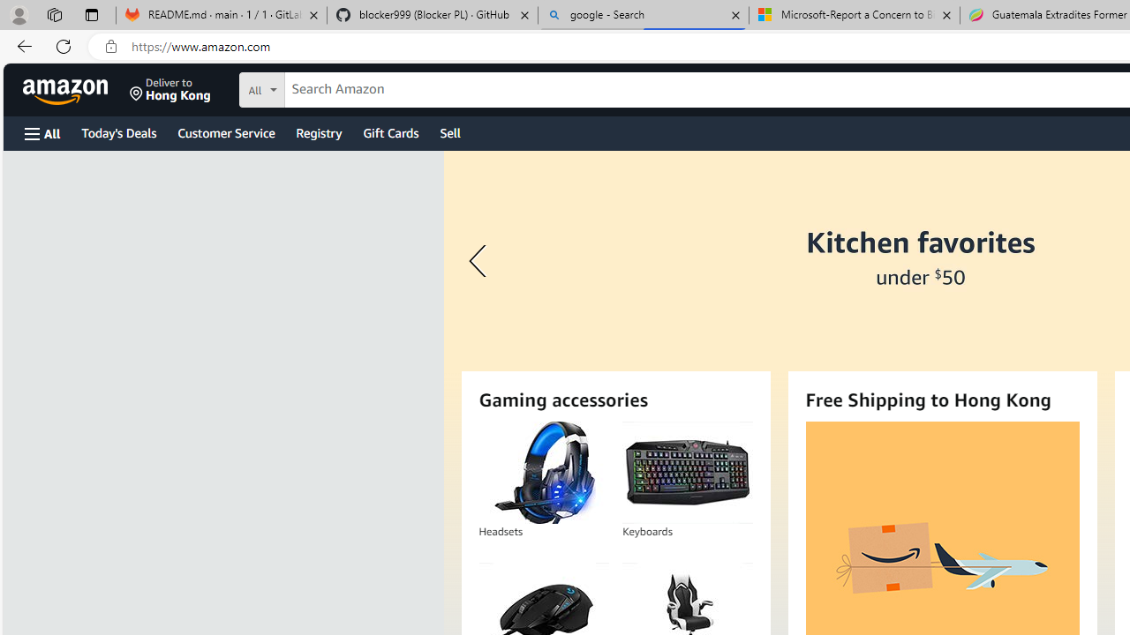 This screenshot has height=635, width=1130. I want to click on 'Headsets', so click(542, 472).